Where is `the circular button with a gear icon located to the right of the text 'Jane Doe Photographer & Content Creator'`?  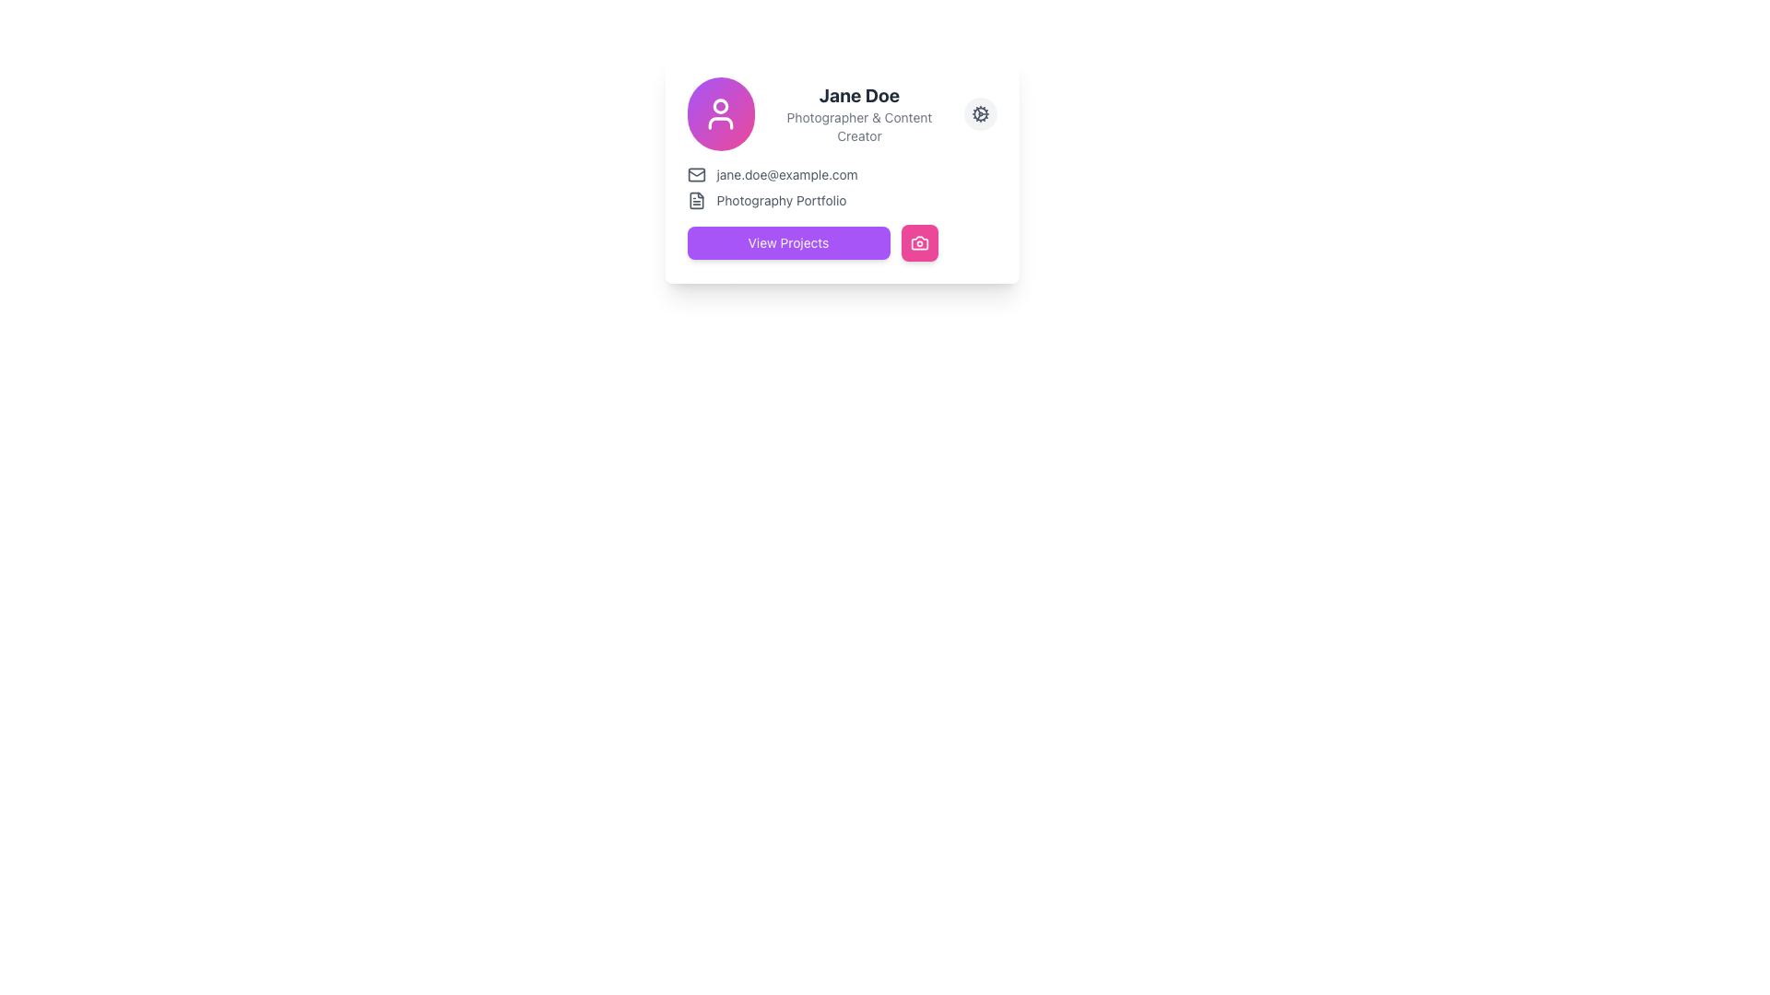 the circular button with a gear icon located to the right of the text 'Jane Doe Photographer & Content Creator' is located at coordinates (979, 113).